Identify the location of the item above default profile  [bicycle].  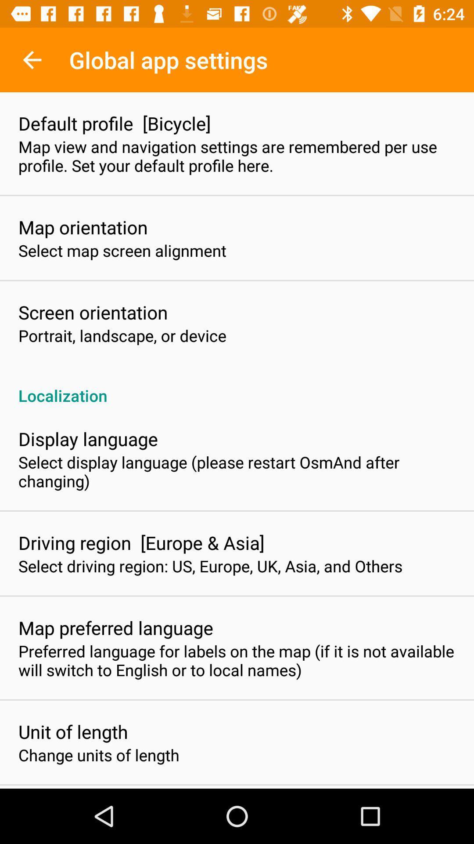
(32, 59).